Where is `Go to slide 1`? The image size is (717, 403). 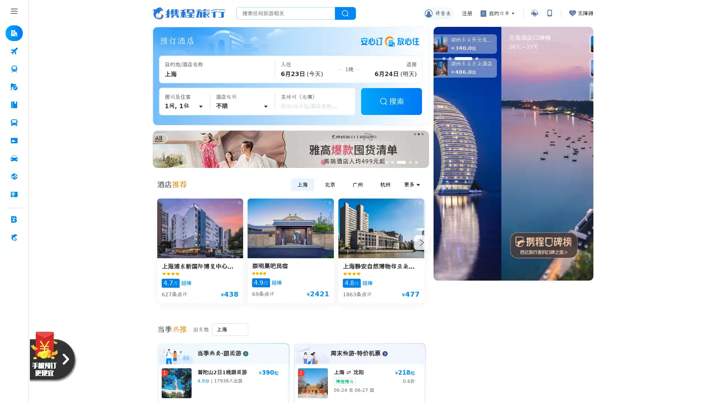 Go to slide 1 is located at coordinates (444, 58).